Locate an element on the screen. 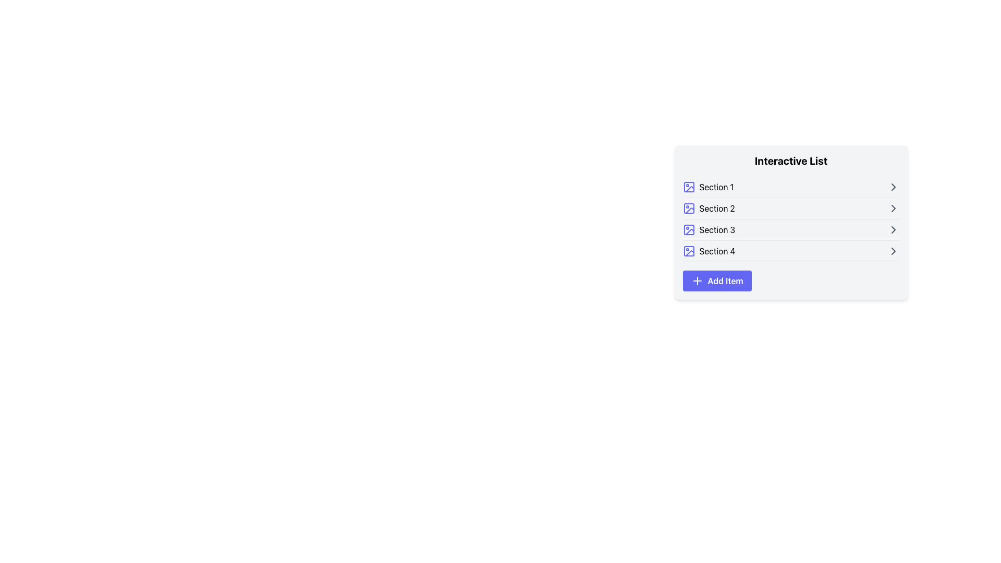 The image size is (1001, 563). the rounded rectangle graphic that indicates an image or related function next to the Section 1 label in the interactive list is located at coordinates (689, 186).